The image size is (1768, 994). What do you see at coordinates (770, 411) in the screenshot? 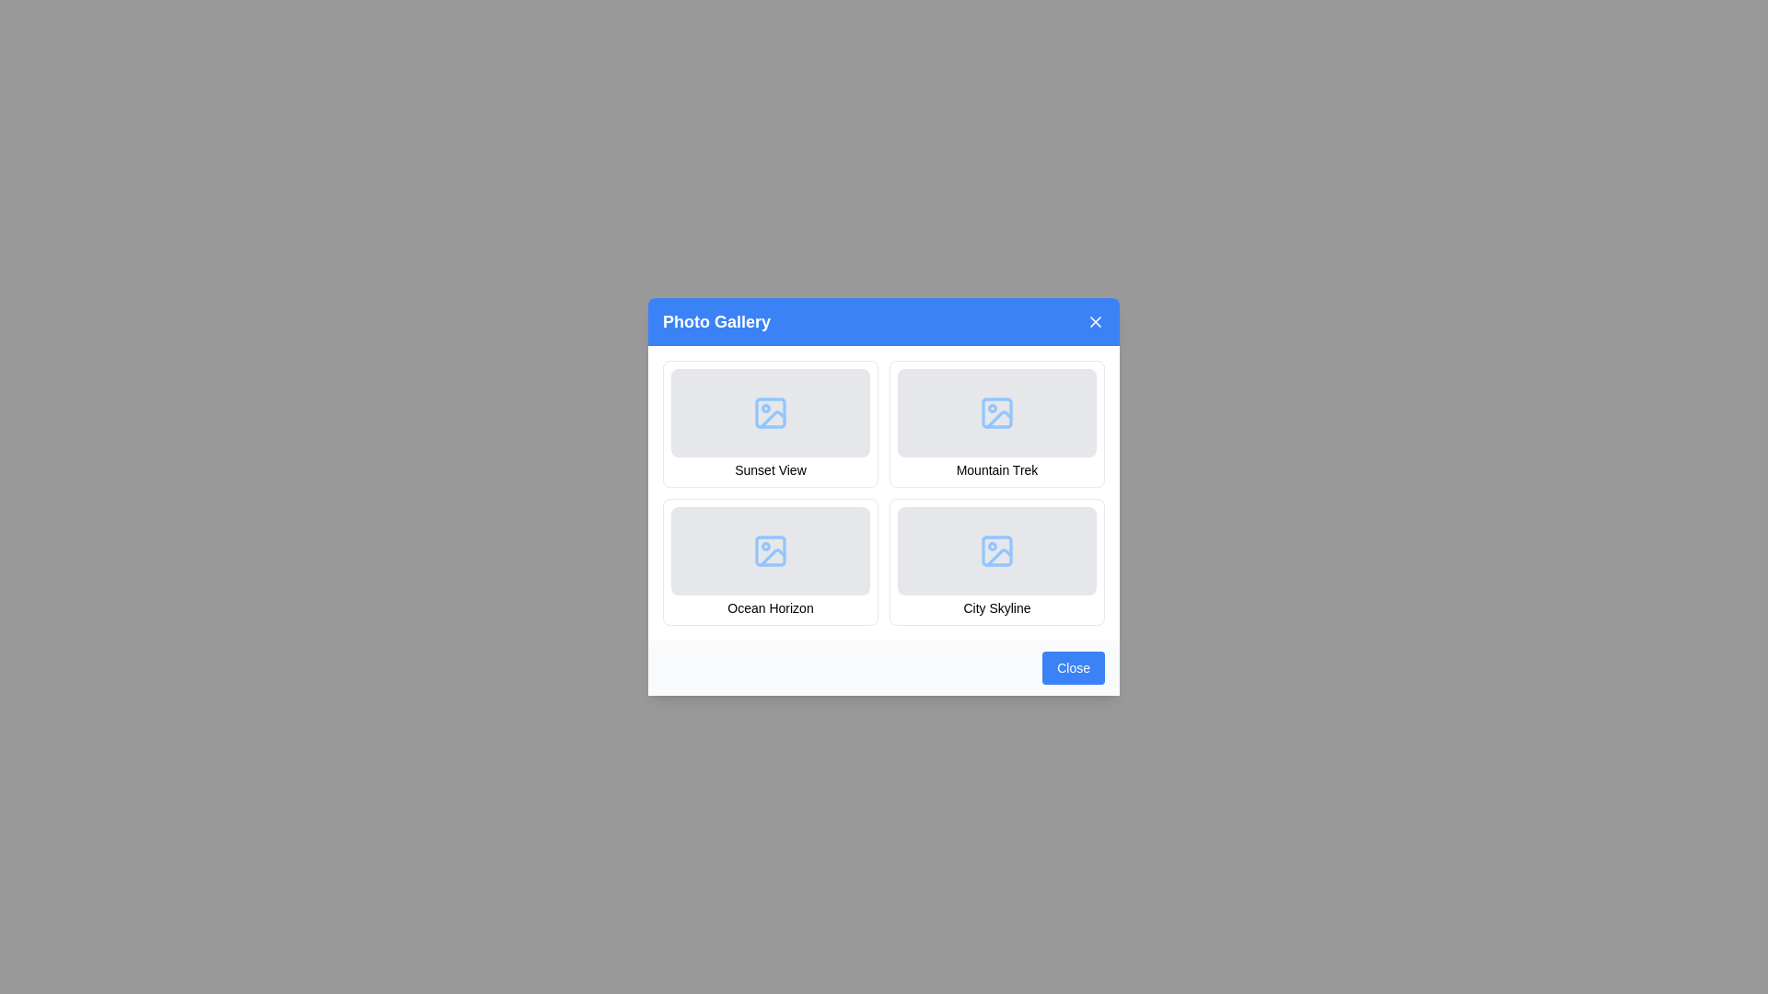
I see `the Decorative border within the image icon labeled 'Sunset View' in the top-left corner of the grid in the 'Photo Gallery' modal` at bounding box center [770, 411].